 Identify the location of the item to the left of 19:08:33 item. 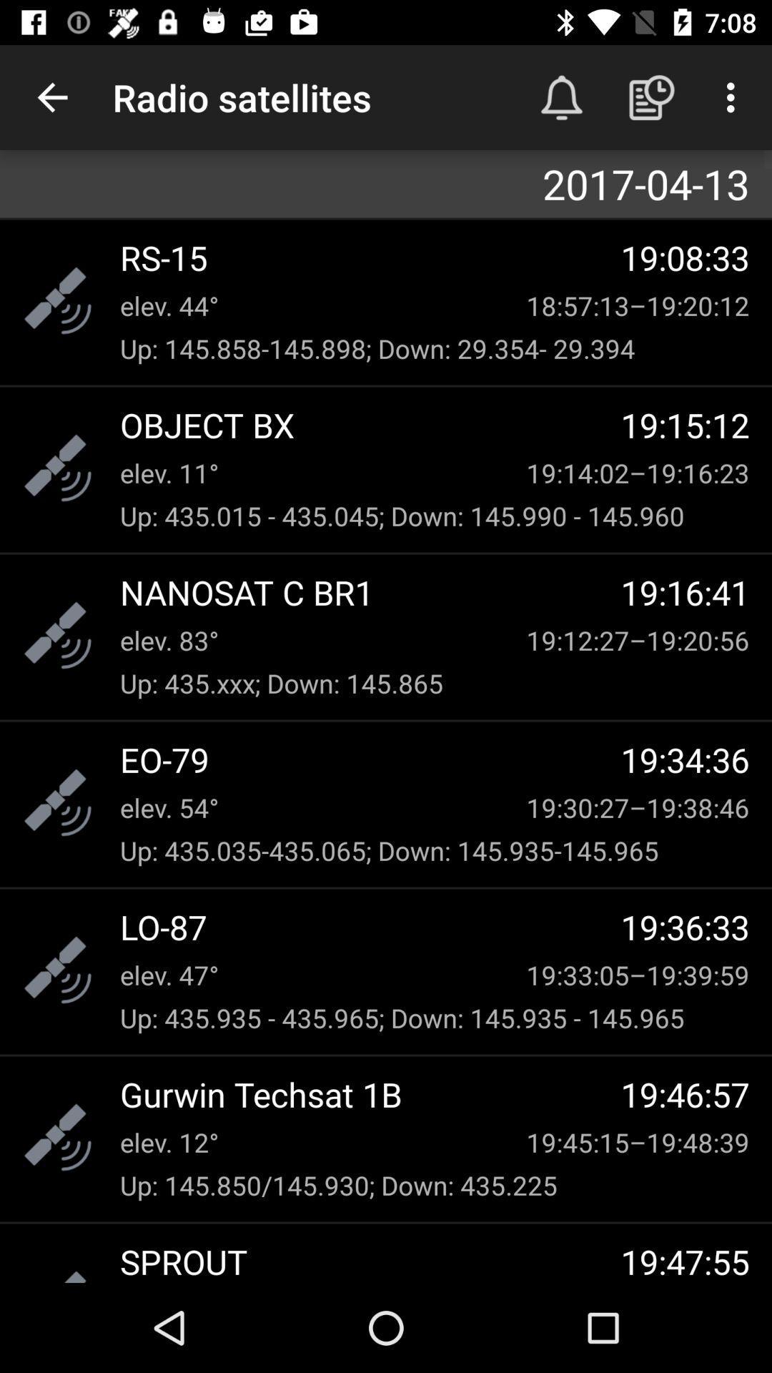
(370, 257).